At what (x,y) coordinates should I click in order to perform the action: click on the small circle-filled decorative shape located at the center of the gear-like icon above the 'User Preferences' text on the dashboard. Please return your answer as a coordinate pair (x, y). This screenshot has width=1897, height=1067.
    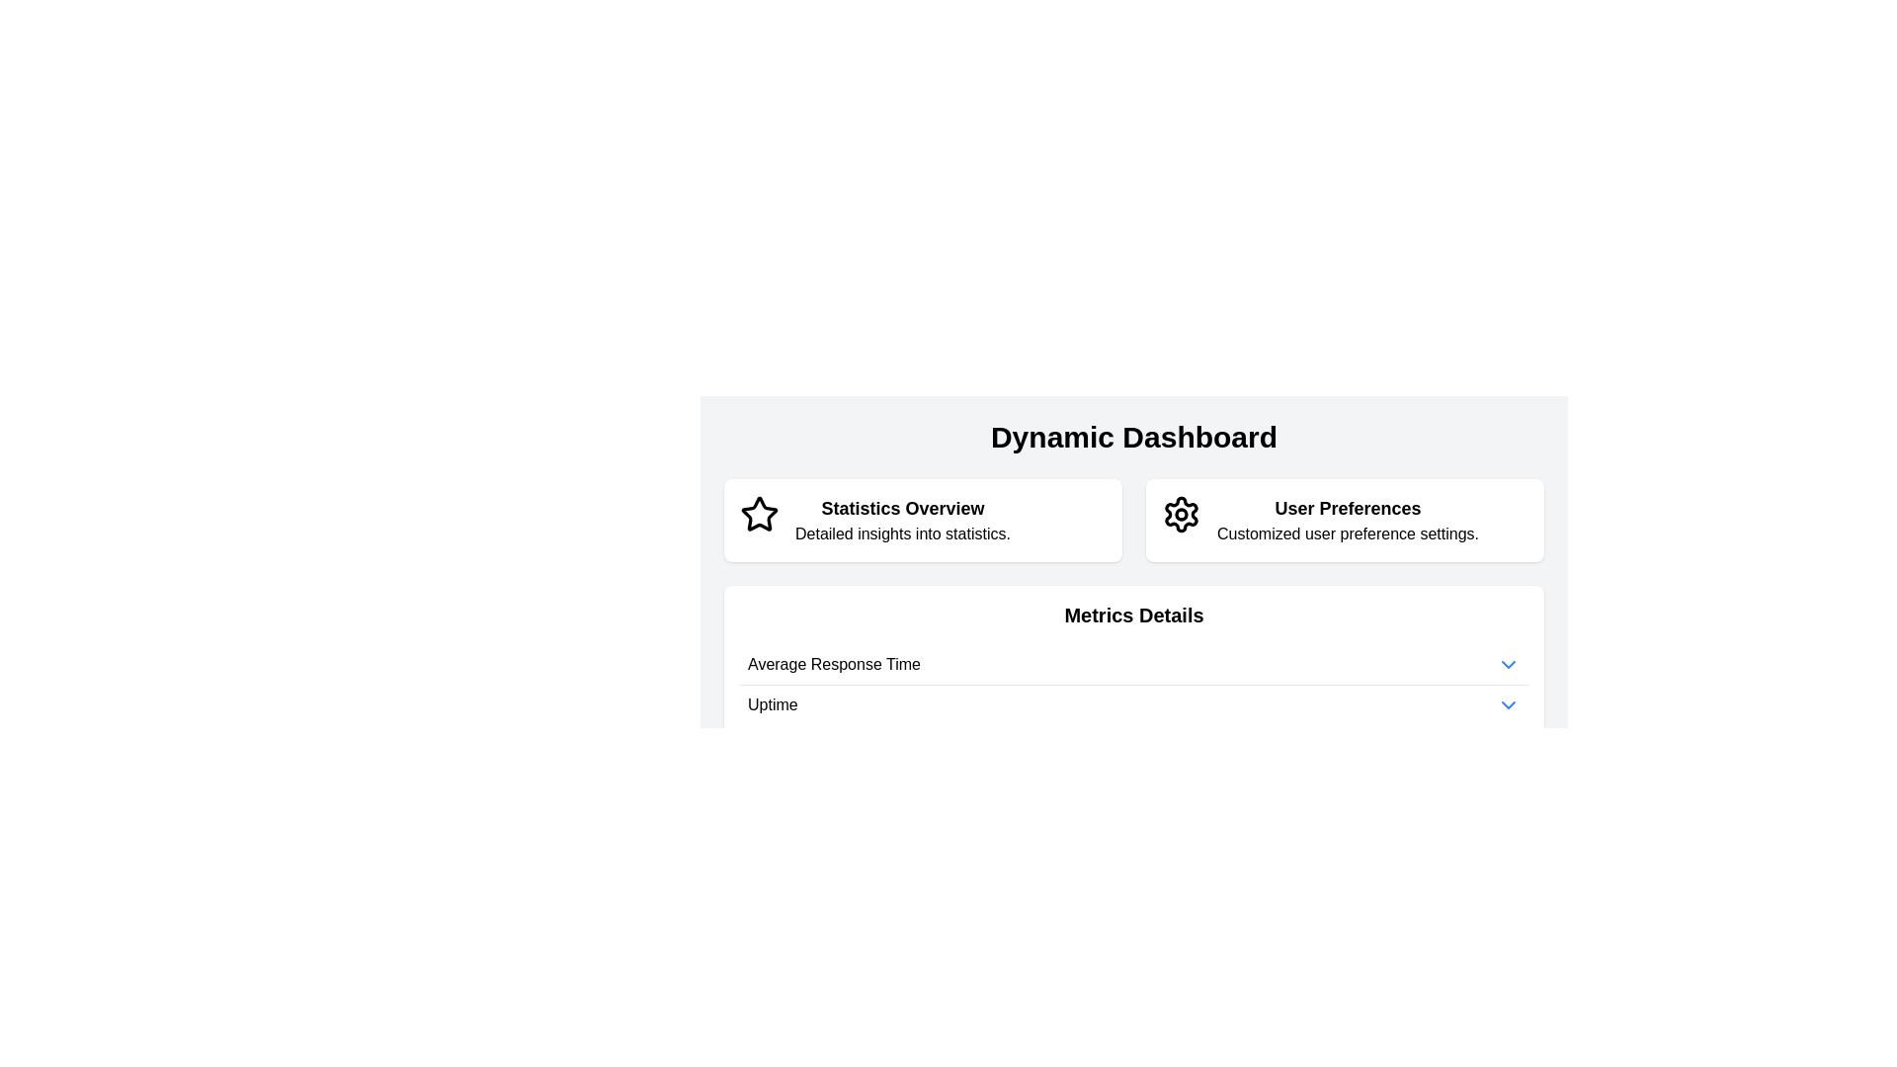
    Looking at the image, I should click on (1181, 513).